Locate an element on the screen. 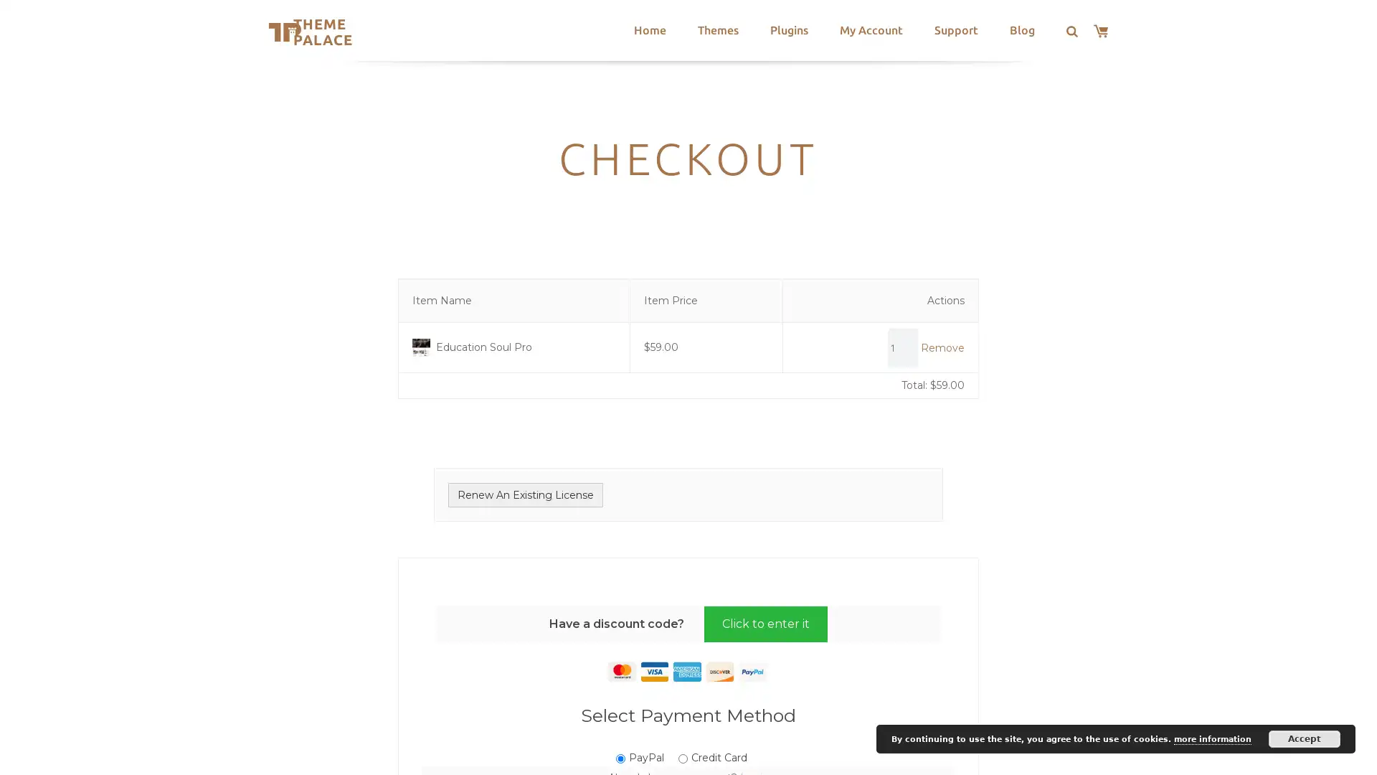 Image resolution: width=1377 pixels, height=775 pixels. Search is located at coordinates (443, 32).